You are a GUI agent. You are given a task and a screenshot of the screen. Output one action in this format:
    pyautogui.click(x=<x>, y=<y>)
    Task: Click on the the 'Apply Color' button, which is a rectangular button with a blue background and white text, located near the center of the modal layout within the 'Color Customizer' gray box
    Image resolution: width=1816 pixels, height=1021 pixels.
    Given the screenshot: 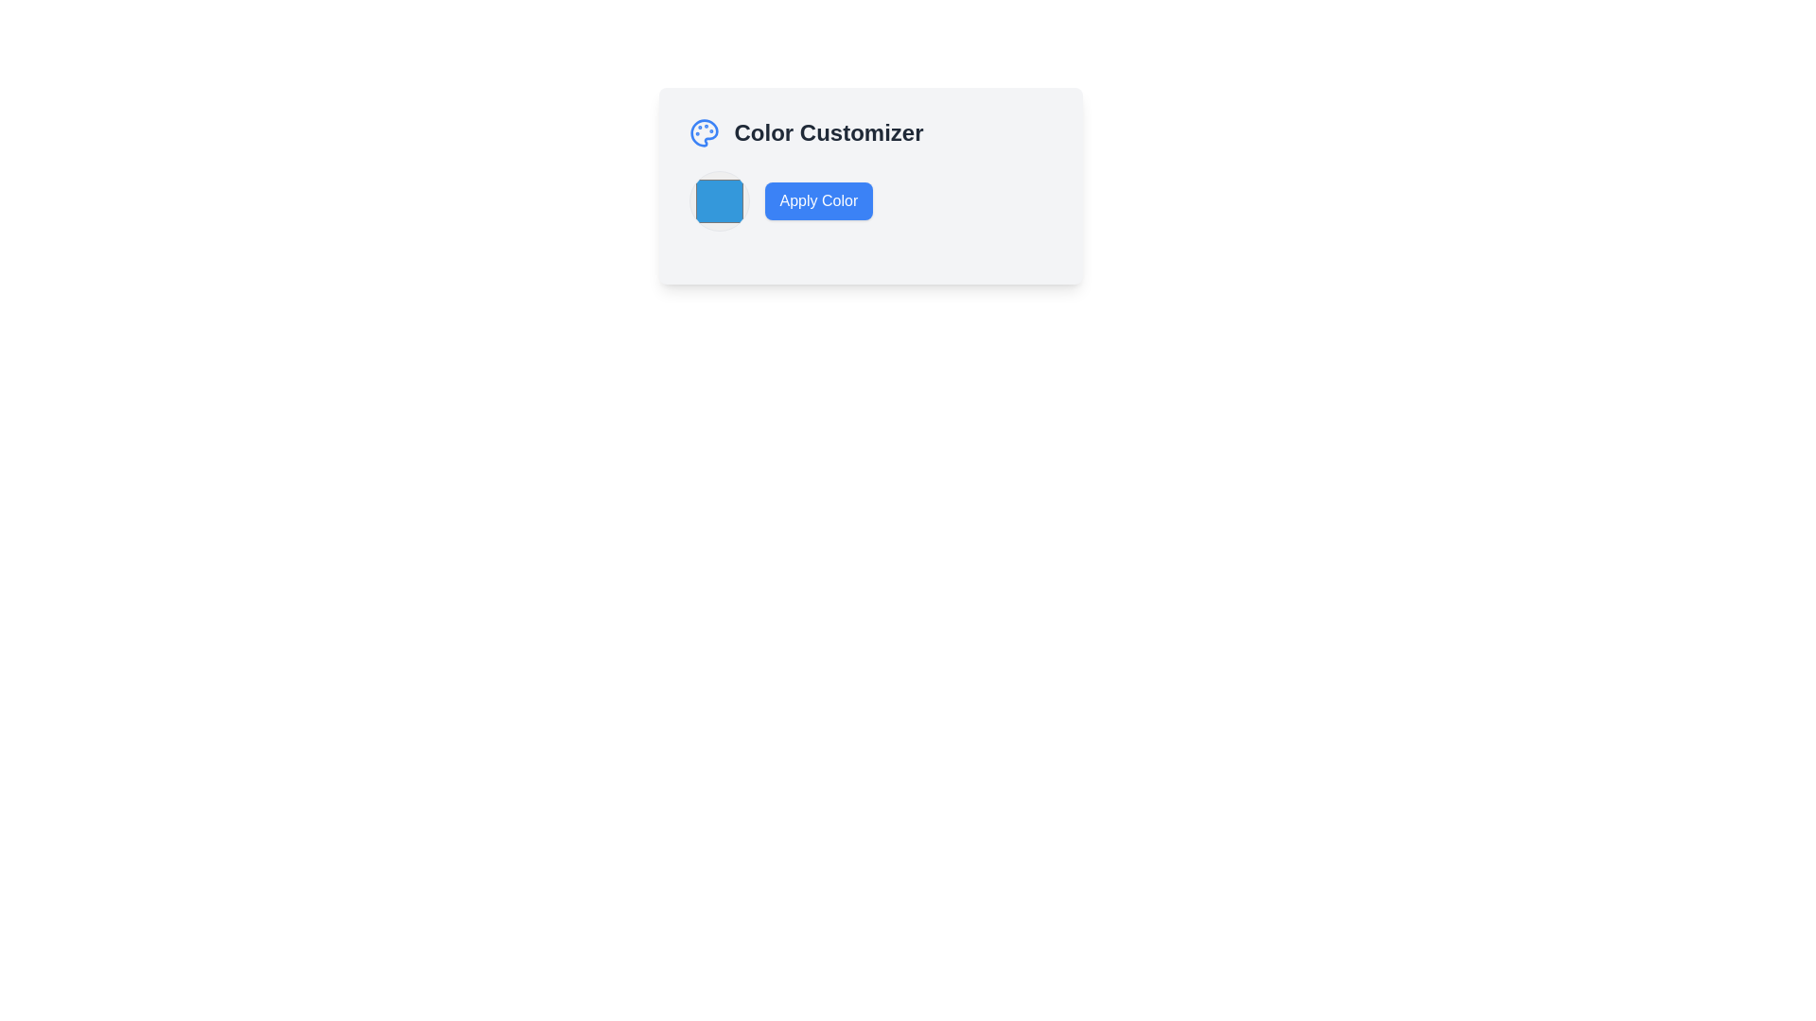 What is the action you would take?
    pyautogui.click(x=869, y=185)
    